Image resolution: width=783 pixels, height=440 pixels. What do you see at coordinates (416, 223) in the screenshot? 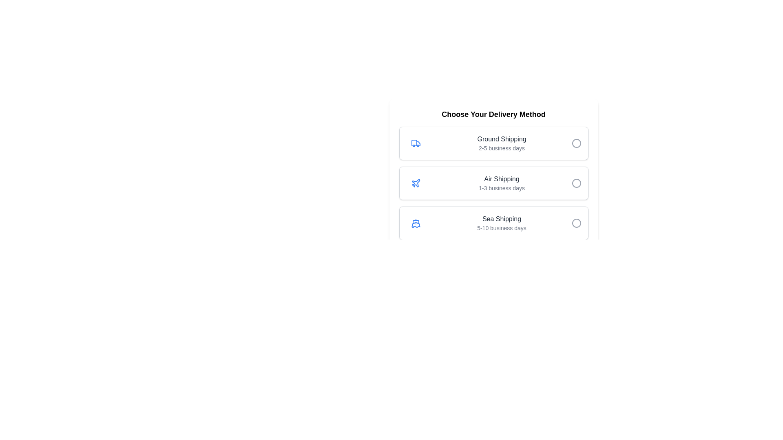
I see `the 'Sea Shipping' delivery method icon, which is the third option in the list of delivery methods` at bounding box center [416, 223].